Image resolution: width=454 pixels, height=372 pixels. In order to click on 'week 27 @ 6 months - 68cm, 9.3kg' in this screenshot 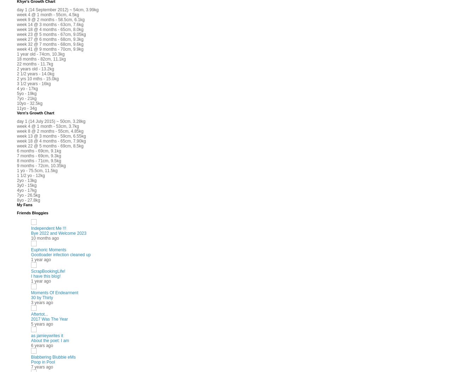, I will do `click(50, 38)`.